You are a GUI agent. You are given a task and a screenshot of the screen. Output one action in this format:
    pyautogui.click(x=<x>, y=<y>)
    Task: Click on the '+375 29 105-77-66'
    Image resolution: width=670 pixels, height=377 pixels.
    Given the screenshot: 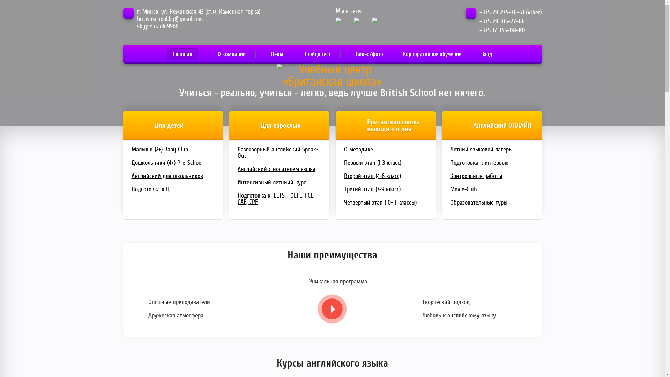 What is the action you would take?
    pyautogui.click(x=502, y=21)
    